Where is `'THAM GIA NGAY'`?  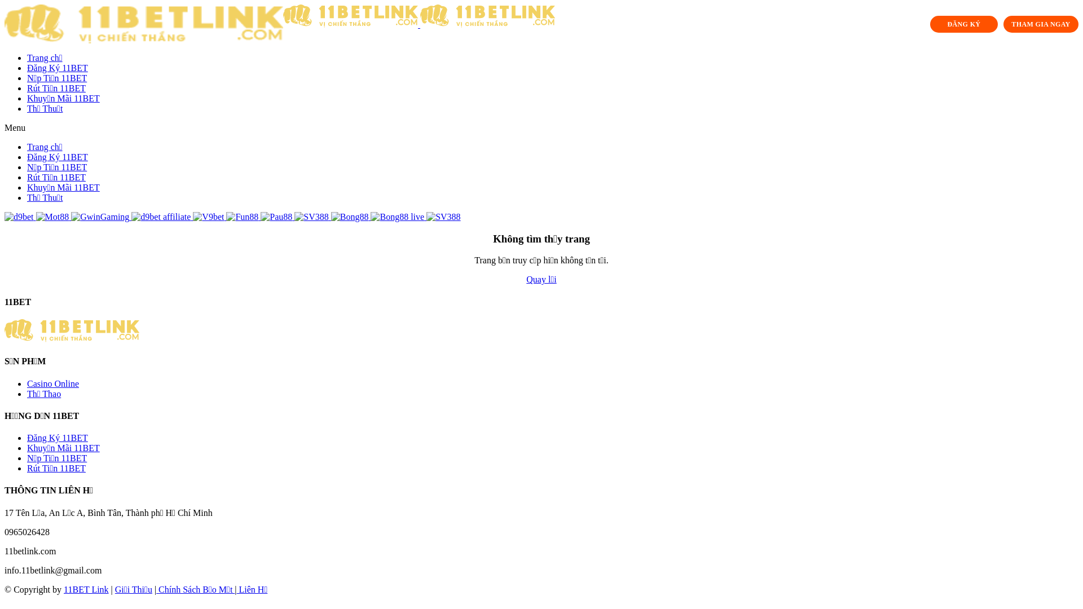 'THAM GIA NGAY' is located at coordinates (1040, 24).